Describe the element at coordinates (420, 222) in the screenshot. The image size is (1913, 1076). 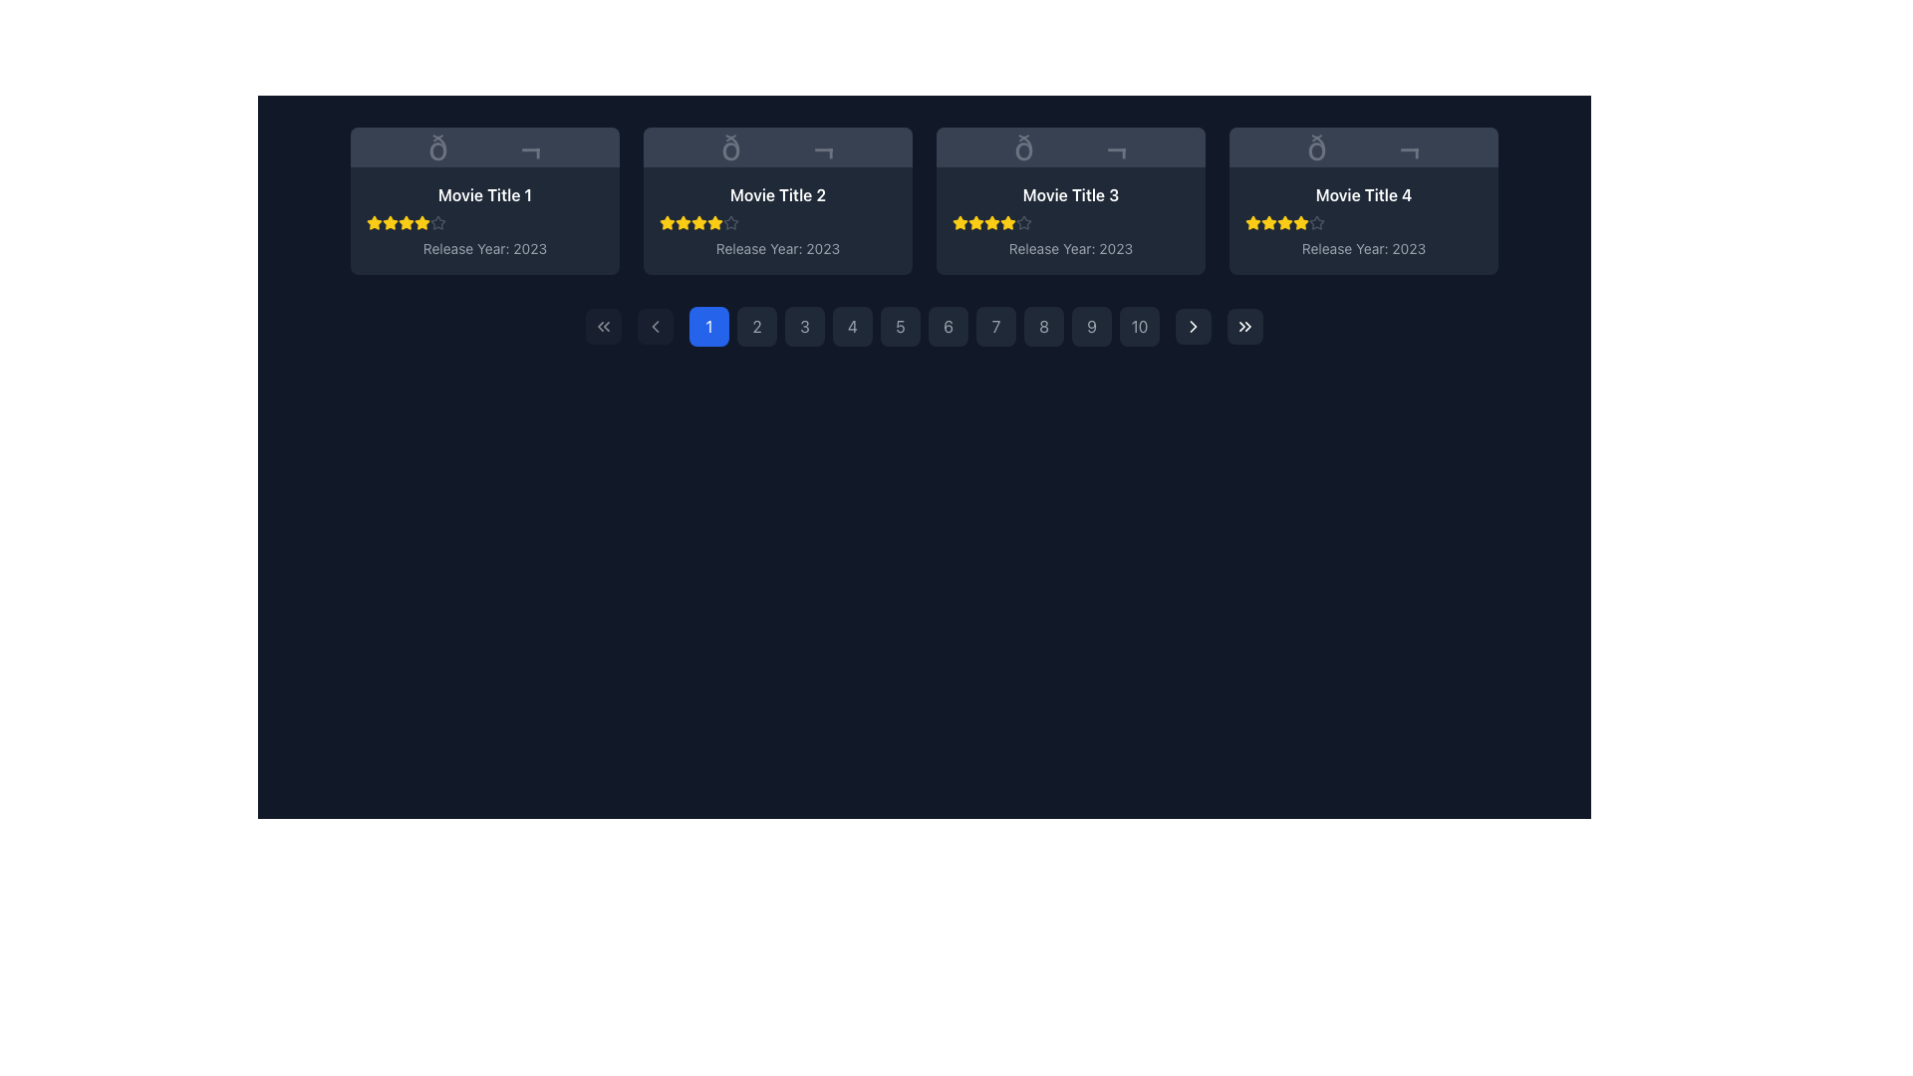
I see `the second star in the rating system for 'Movie Title 1'` at that location.